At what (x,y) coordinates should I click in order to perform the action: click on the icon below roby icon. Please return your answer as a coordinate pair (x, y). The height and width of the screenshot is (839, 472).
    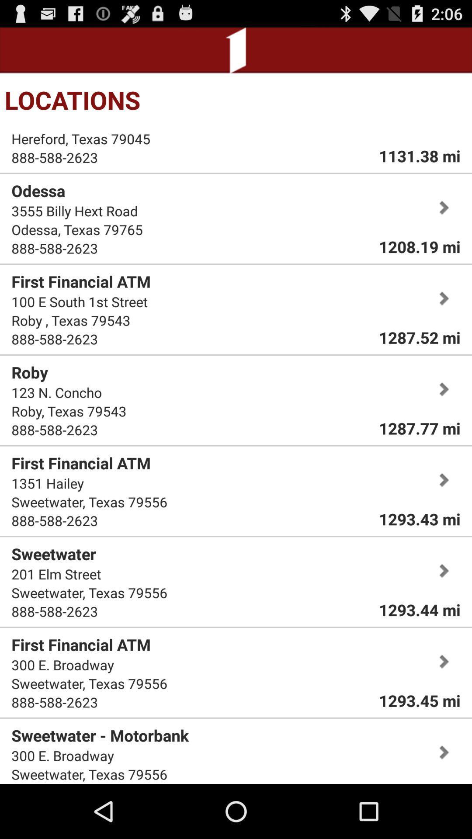
    Looking at the image, I should click on (56, 392).